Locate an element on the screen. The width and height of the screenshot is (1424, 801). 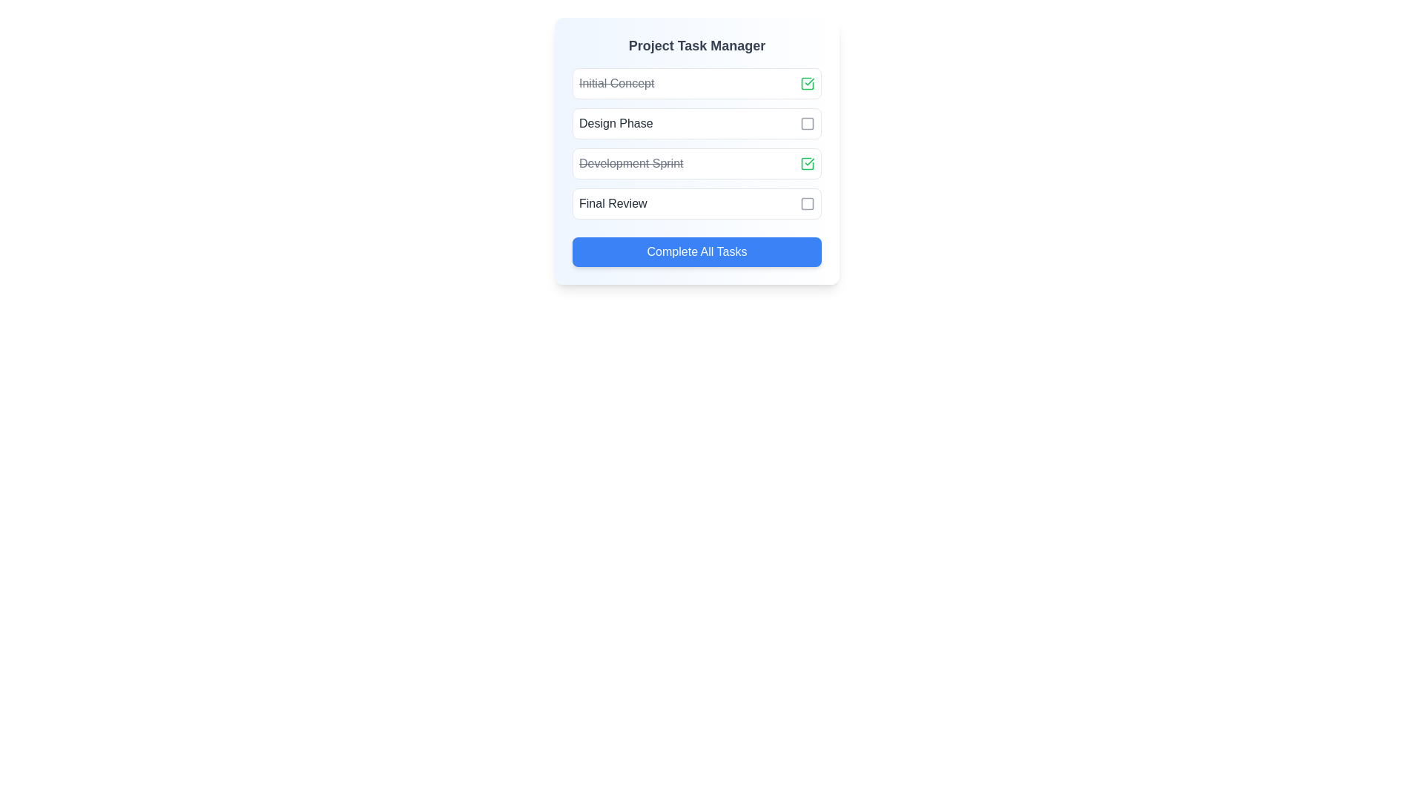
the checkbox located in the 'Design Phase' row of the task list, which is a small square-shaped component with a lightly rounded border is located at coordinates (807, 122).